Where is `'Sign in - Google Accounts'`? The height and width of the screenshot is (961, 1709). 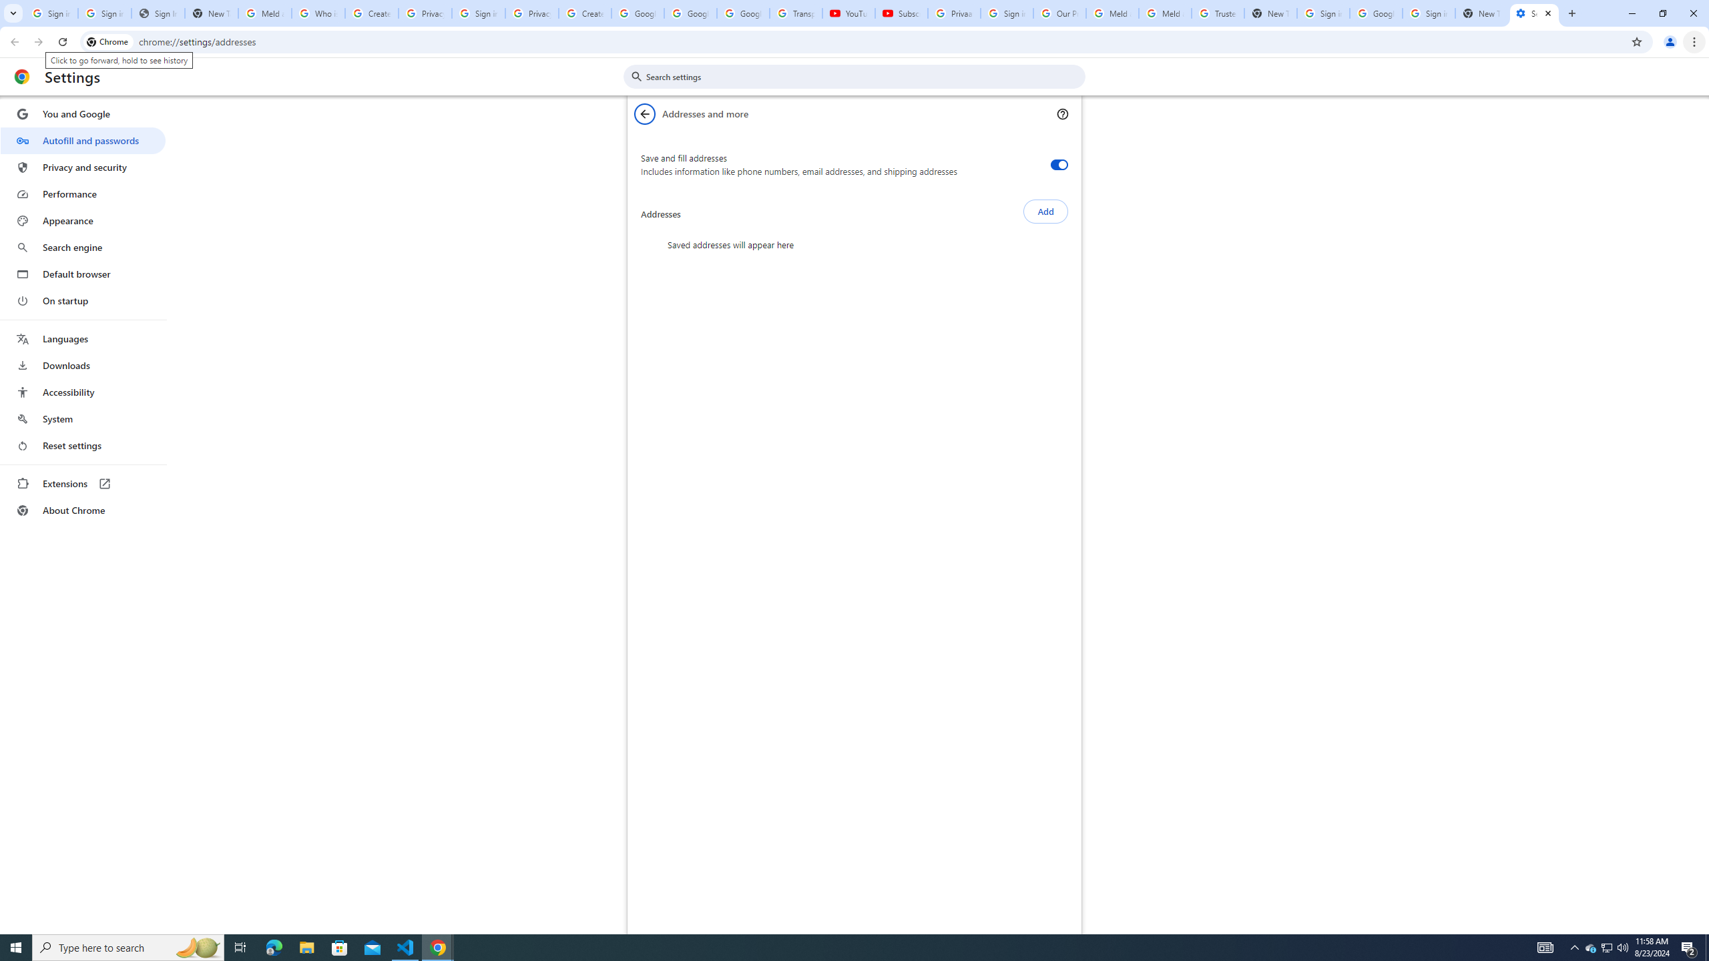
'Sign in - Google Accounts' is located at coordinates (1429, 13).